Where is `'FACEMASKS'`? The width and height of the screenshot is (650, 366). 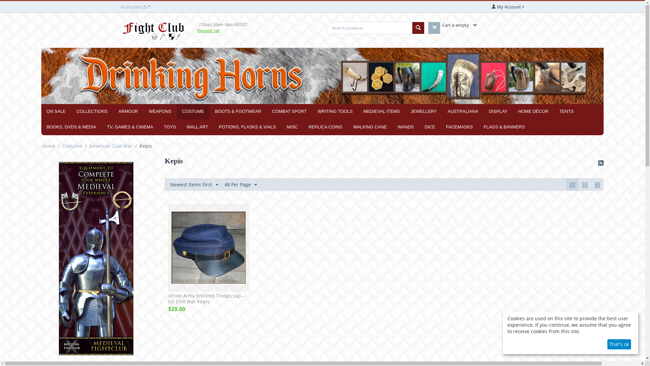 'FACEMASKS' is located at coordinates (459, 127).